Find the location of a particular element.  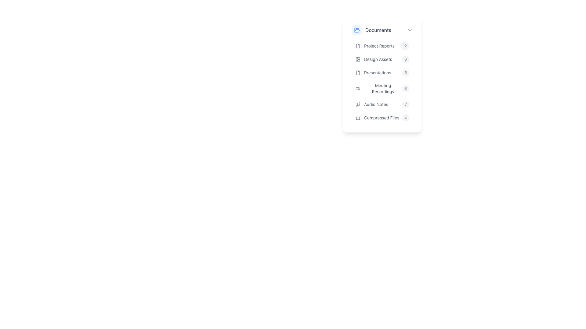

the 'Project Report' icon located near the left of the 'Project Reports' label in the list of document categories is located at coordinates (358, 45).